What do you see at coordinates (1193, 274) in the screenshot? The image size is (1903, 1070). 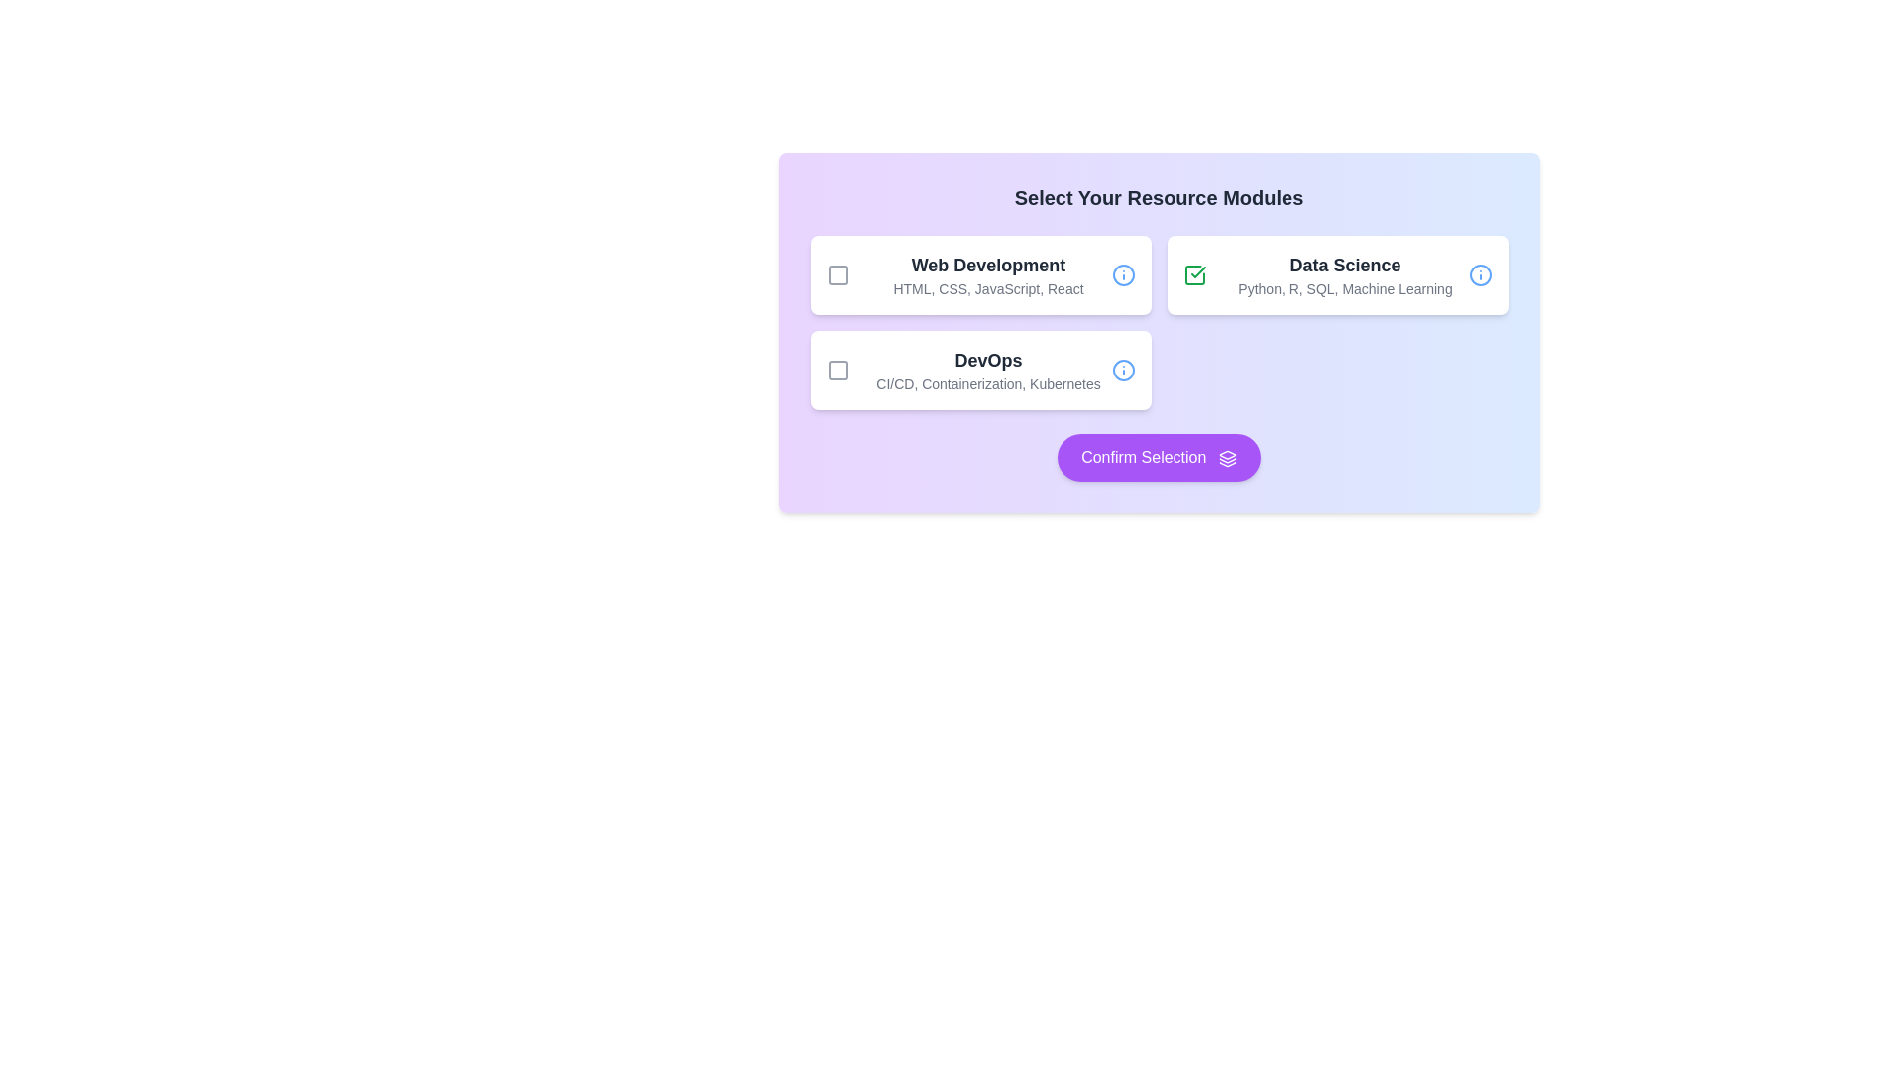 I see `the checkbox with a green check mark indicating a selected state, located` at bounding box center [1193, 274].